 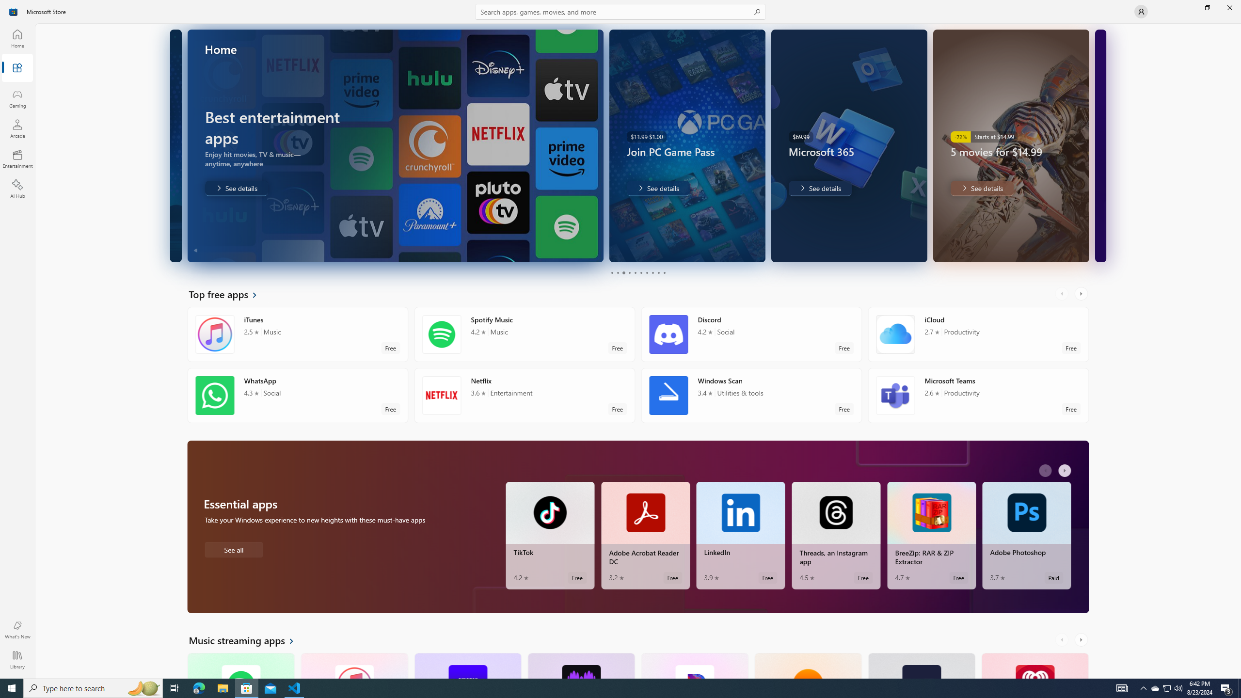 What do you see at coordinates (638, 272) in the screenshot?
I see `'Pager'` at bounding box center [638, 272].